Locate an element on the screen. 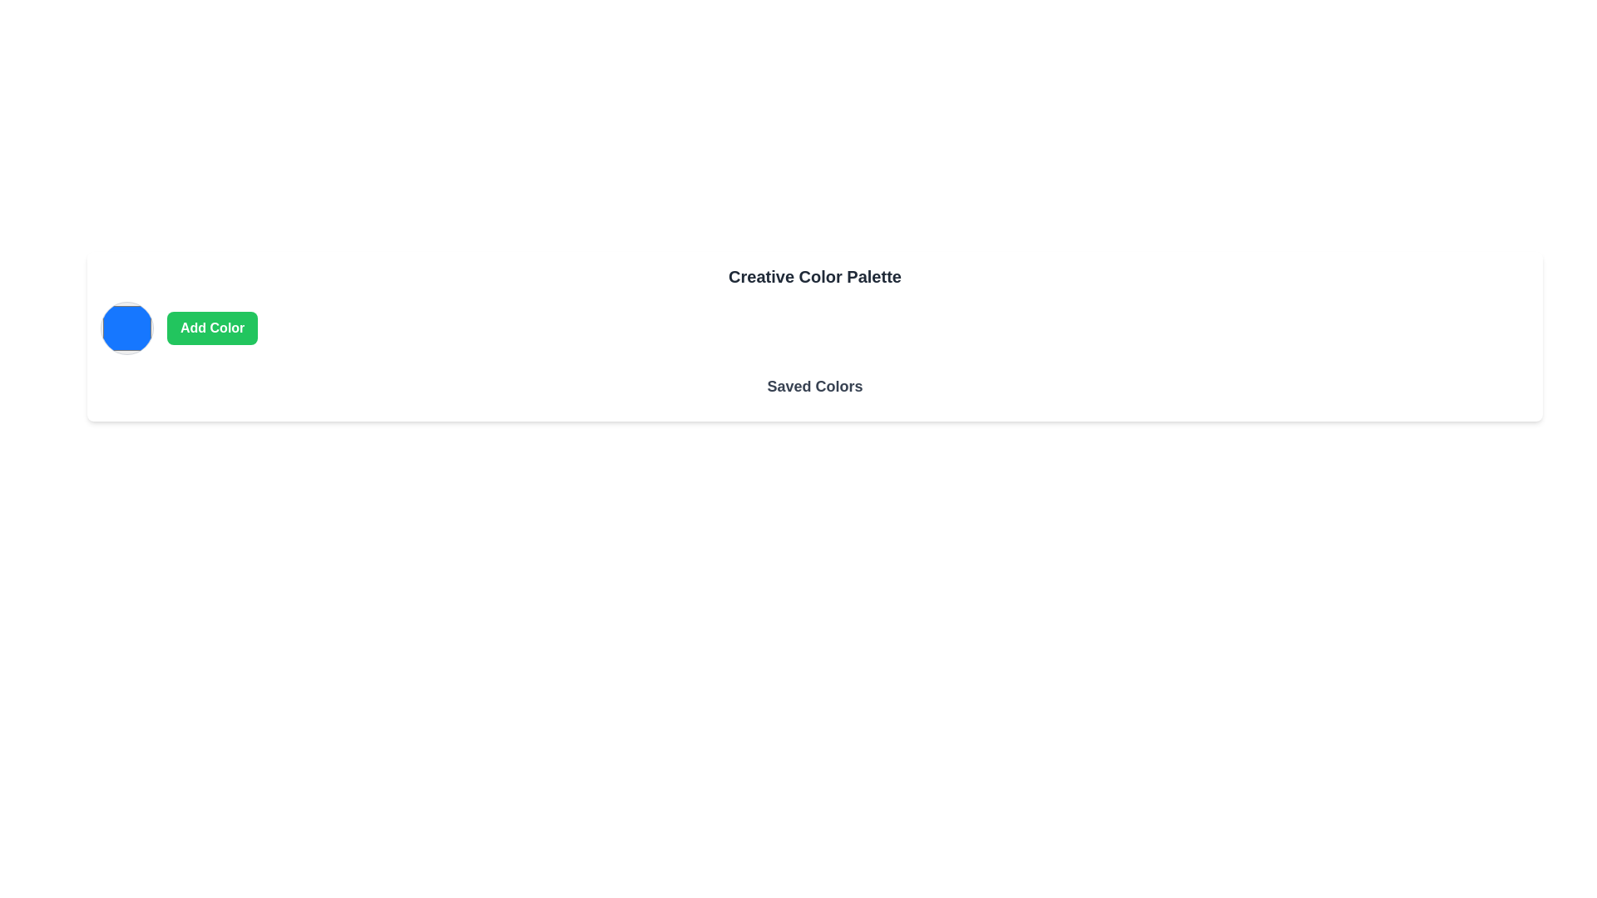  the circular Color Display or Selector with a blue fill color (#1677ff) is located at coordinates (126, 328).